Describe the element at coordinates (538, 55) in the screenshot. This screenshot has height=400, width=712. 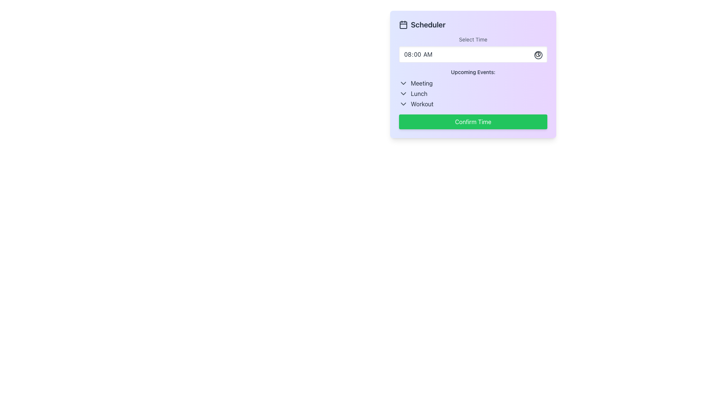
I see `the clock icon represented by the circular element in the top-right area of the time selection input box` at that location.